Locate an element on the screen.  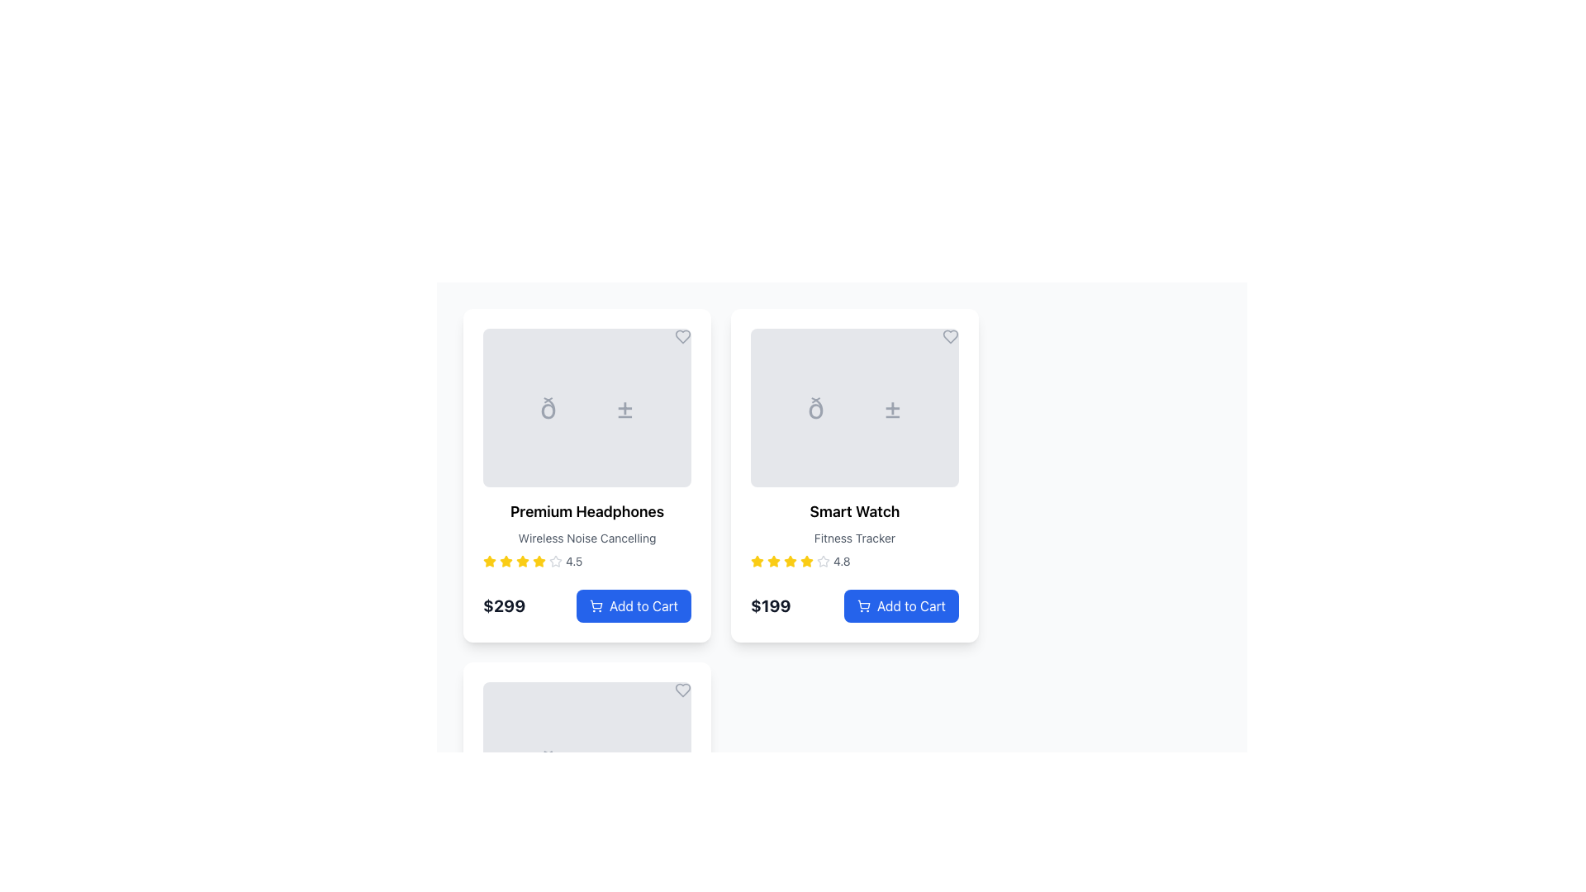
the image placeholder for the 'Smart Watch' product located at the top-center of the product card is located at coordinates (855, 407).